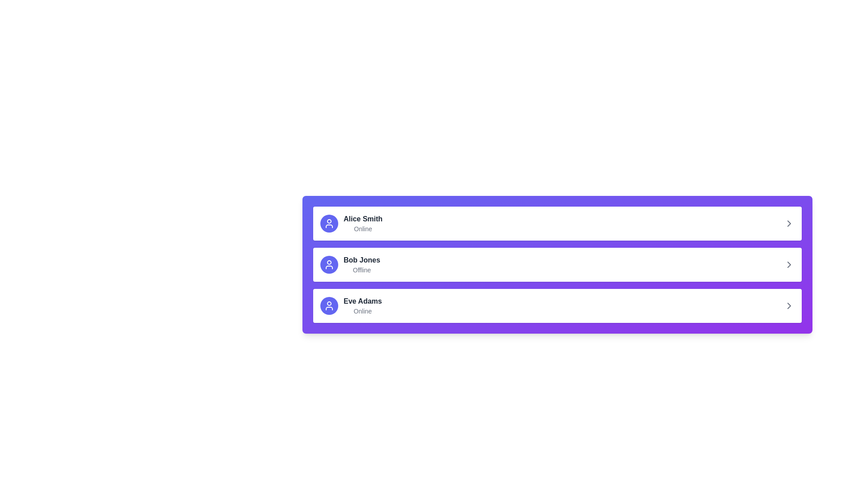  I want to click on text label displaying 'Online' located below the name 'Eve Adams' in a small, gray font, so click(362, 310).